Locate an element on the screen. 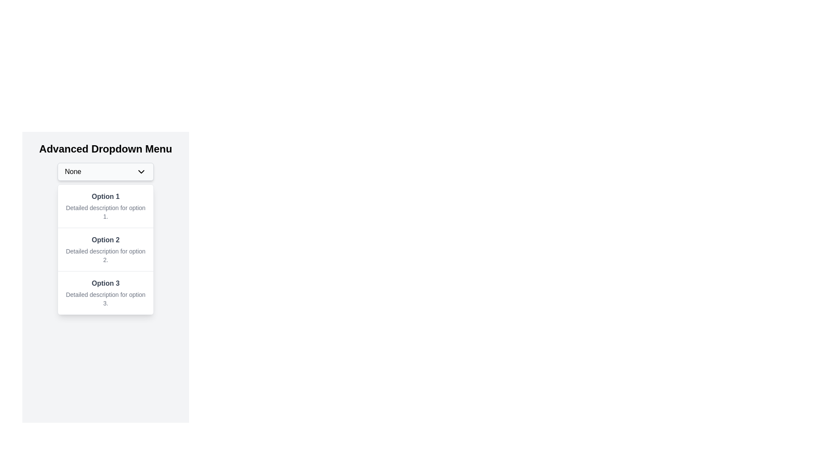  the second panel of the dropdown menu is located at coordinates (105, 250).